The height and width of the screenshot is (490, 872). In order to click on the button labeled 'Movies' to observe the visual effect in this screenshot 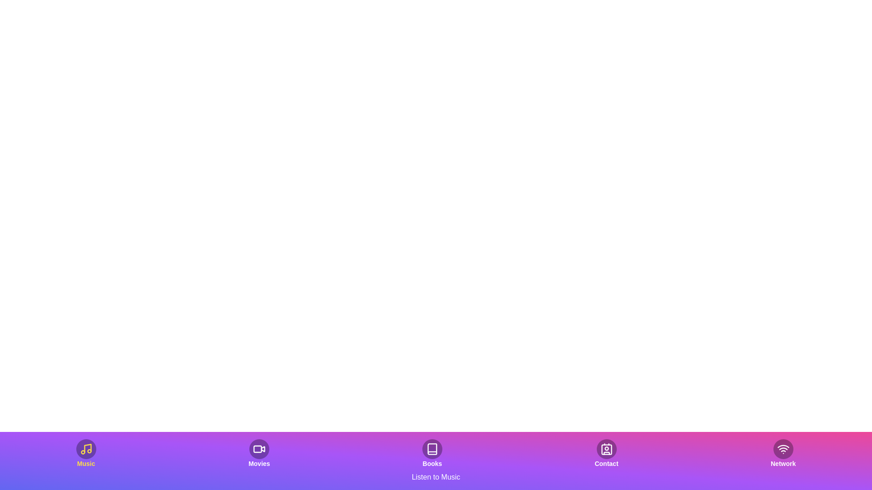, I will do `click(258, 453)`.